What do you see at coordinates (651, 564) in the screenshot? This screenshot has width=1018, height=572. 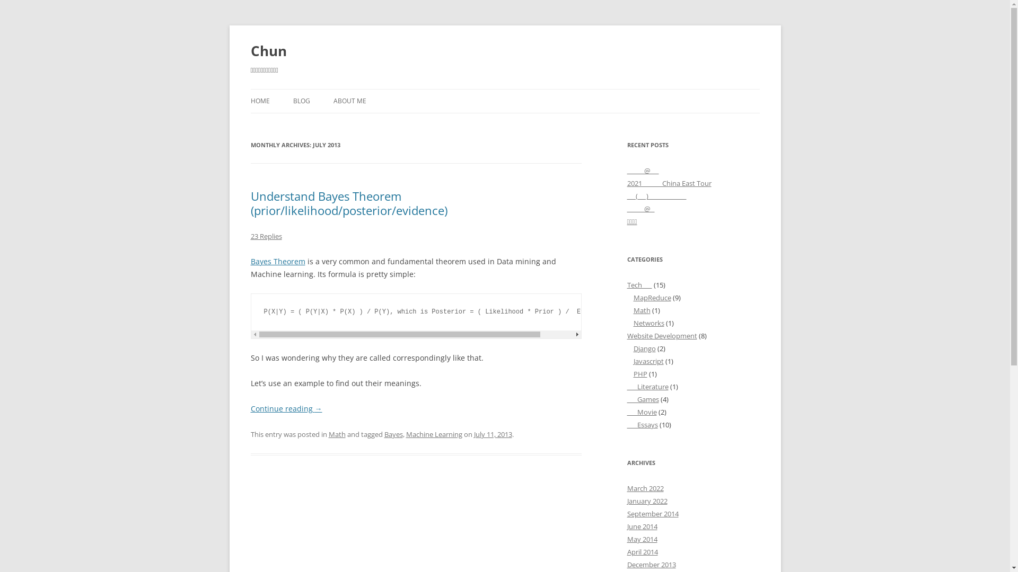 I see `'December 2013'` at bounding box center [651, 564].